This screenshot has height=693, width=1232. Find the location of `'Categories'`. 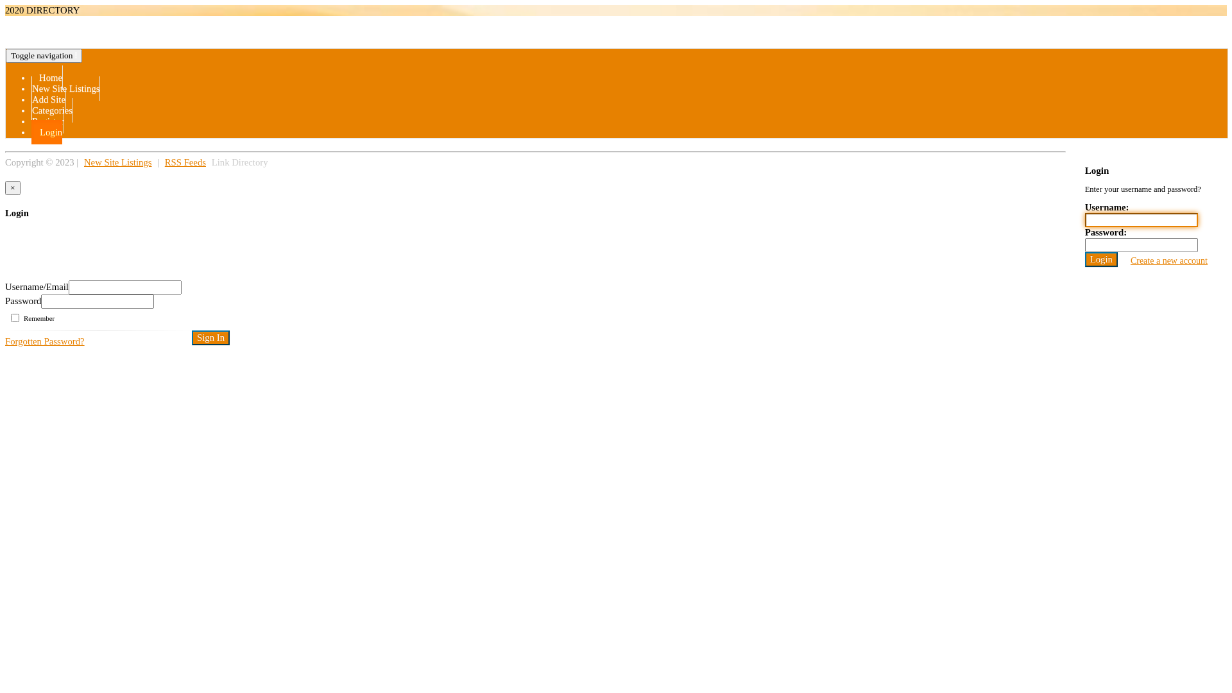

'Categories' is located at coordinates (51, 110).